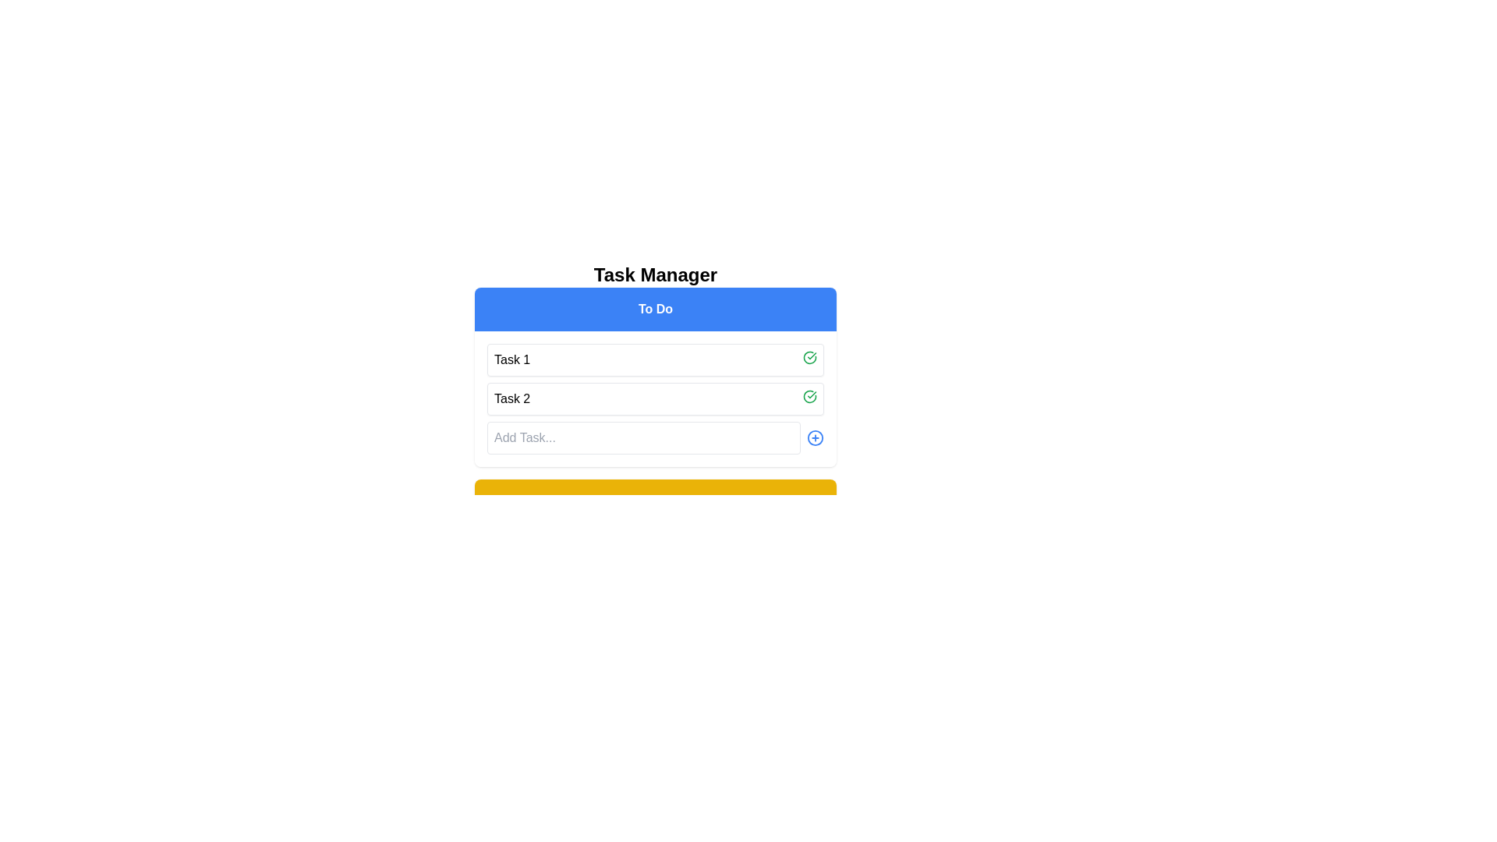  I want to click on the completion status icon for 'Task 1', located at the rightmost part of the 'Task 1' row in the task list interface, so click(809, 358).